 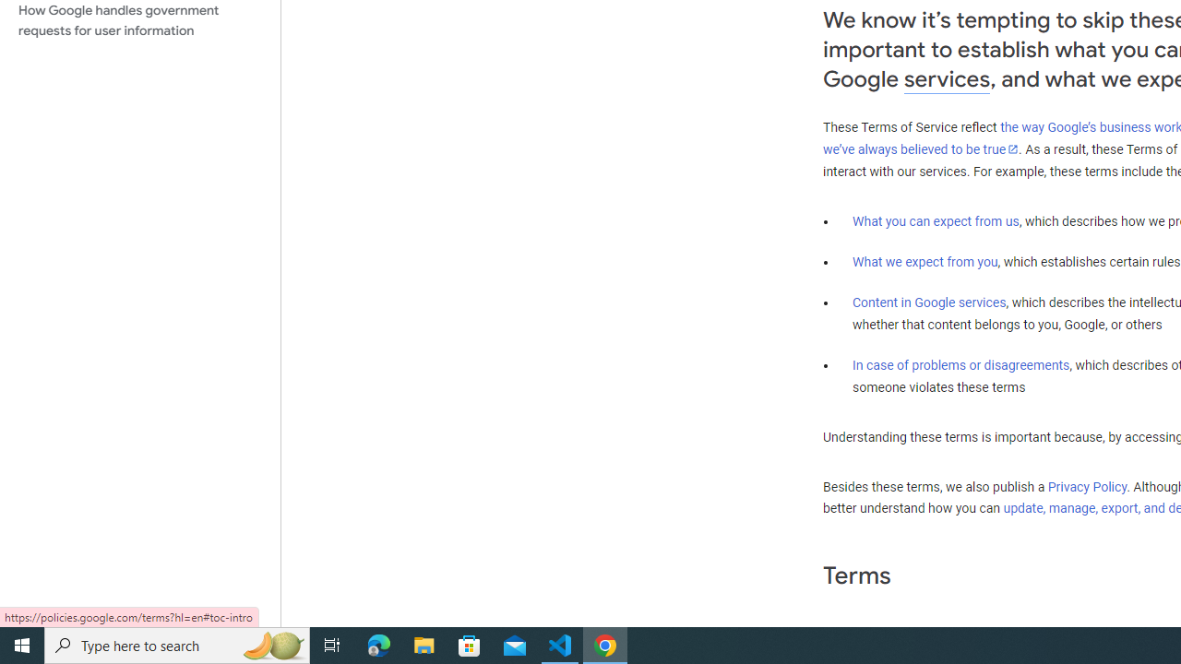 What do you see at coordinates (960, 365) in the screenshot?
I see `'In case of problems or disagreements'` at bounding box center [960, 365].